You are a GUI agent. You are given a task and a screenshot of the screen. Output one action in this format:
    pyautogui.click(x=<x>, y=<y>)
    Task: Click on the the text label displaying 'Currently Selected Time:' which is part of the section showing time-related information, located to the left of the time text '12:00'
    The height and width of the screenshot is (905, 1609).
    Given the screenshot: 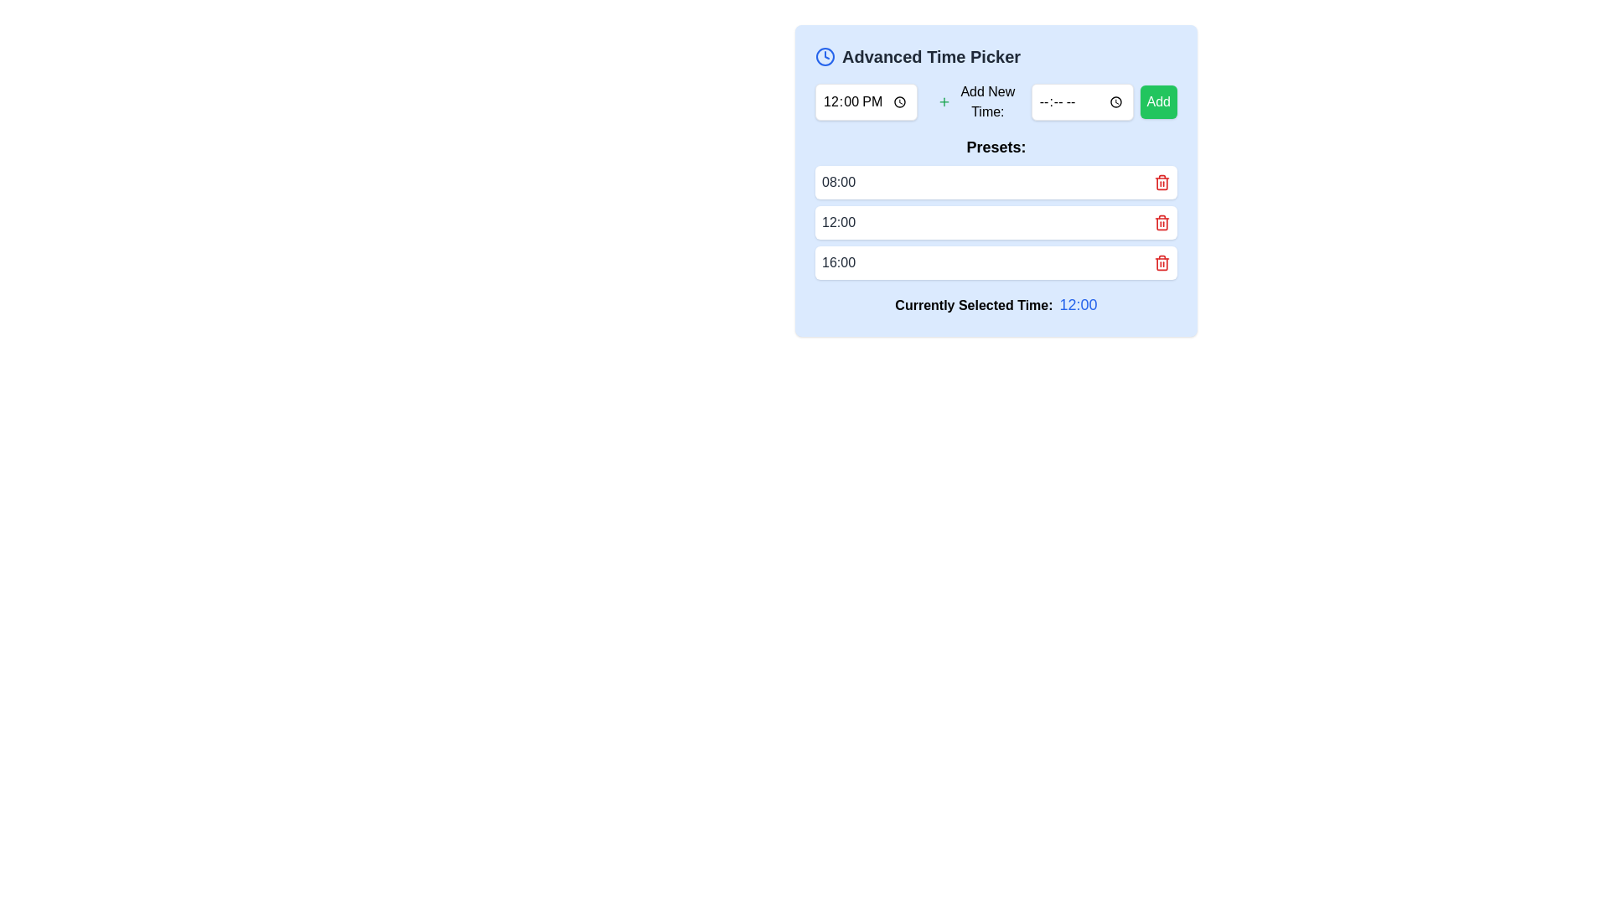 What is the action you would take?
    pyautogui.click(x=974, y=305)
    